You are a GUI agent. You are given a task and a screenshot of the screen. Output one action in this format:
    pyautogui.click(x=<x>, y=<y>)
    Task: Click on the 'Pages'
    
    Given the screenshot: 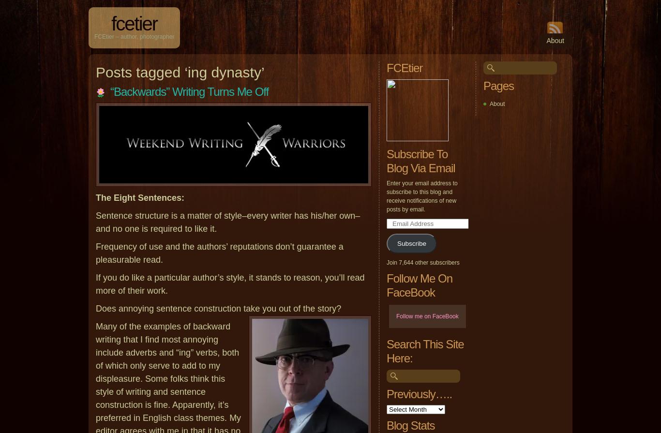 What is the action you would take?
    pyautogui.click(x=498, y=86)
    